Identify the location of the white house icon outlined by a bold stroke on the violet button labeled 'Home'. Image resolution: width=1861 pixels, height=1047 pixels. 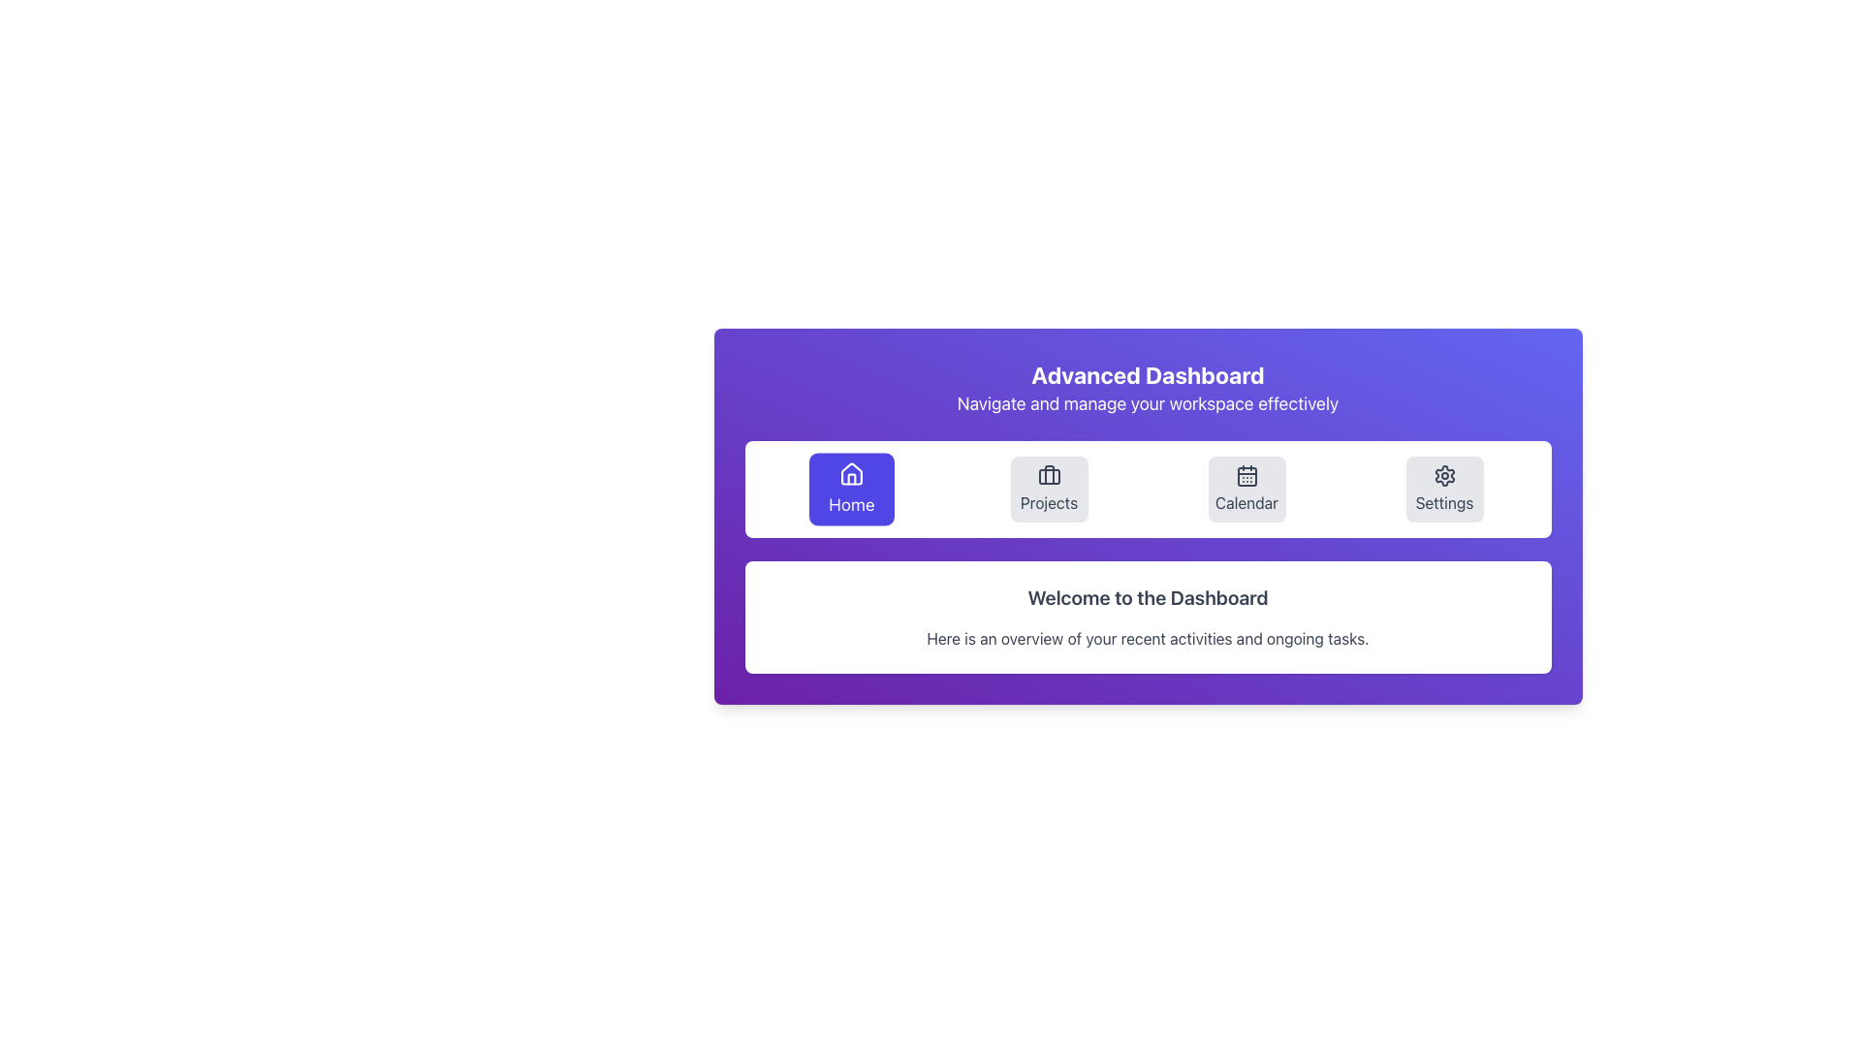
(851, 474).